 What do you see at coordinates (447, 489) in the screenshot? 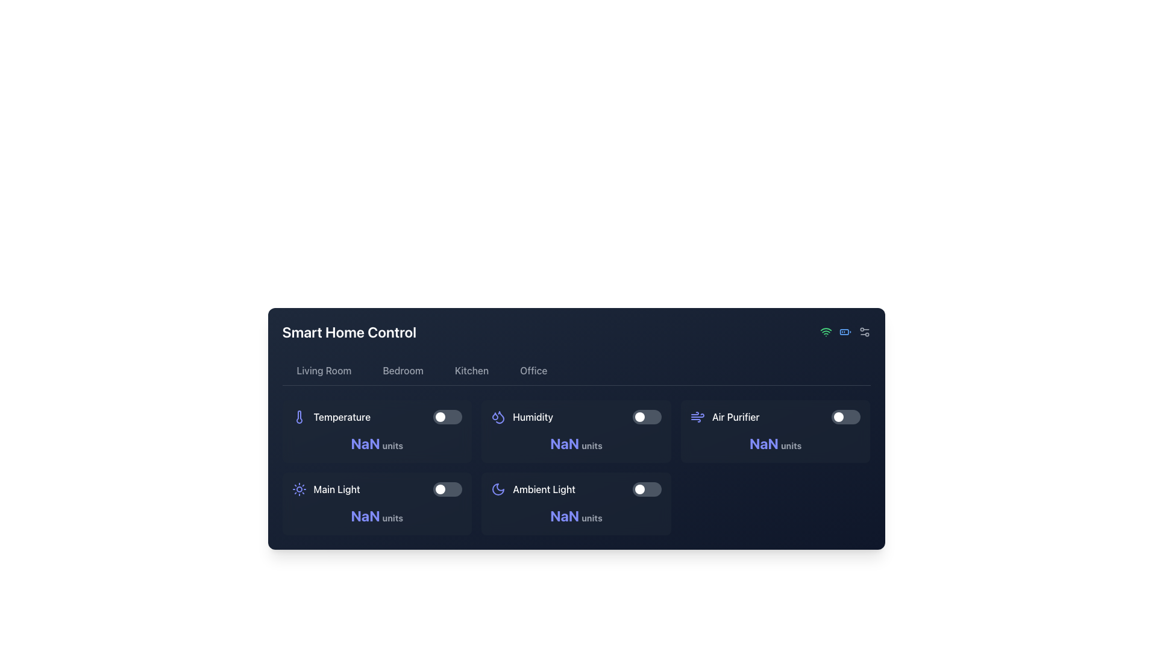
I see `the toggle switch for the 'Main Light' located in the bottom-left section of its card` at bounding box center [447, 489].